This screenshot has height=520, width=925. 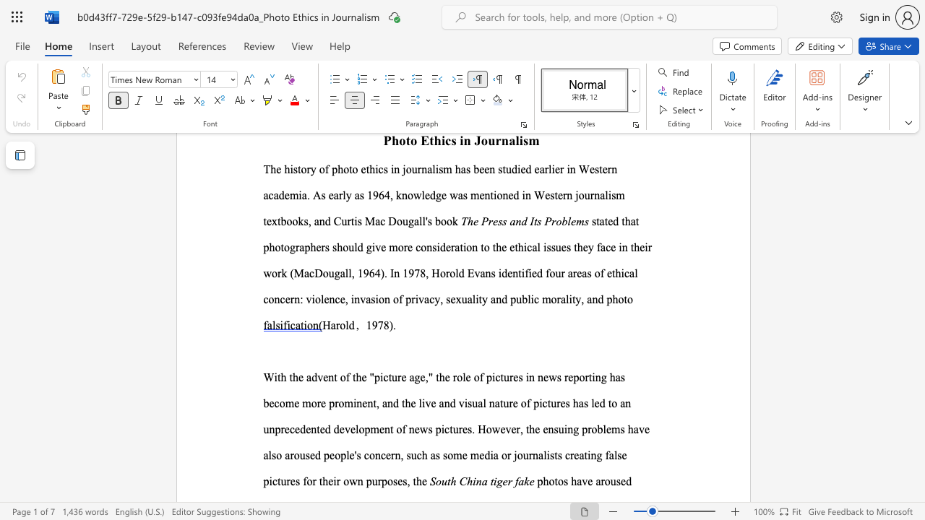 What do you see at coordinates (384, 273) in the screenshot?
I see `the subset text ". In 1978, Horold Evan" within the text ". In 1978, Horold Evans"` at bounding box center [384, 273].